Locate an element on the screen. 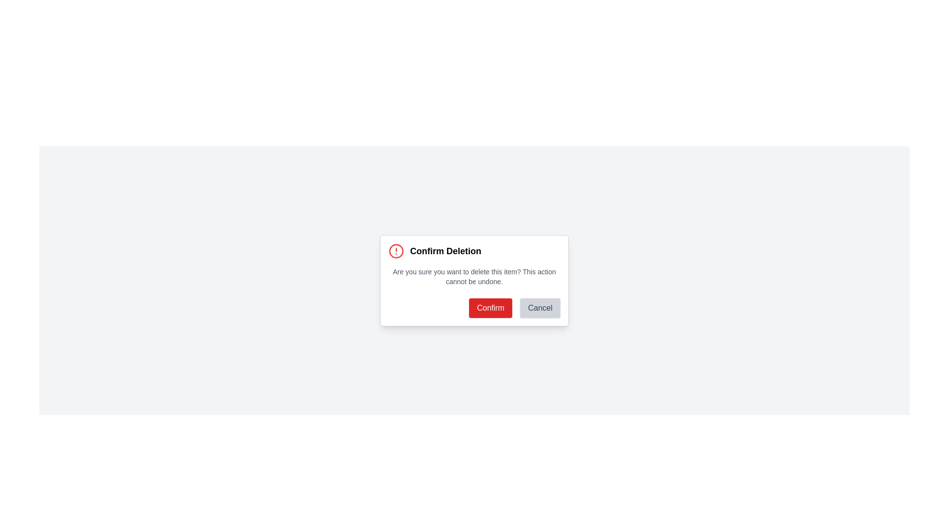 This screenshot has width=943, height=530. message in the modal dialog box titled 'Confirm Deletion', which explains the consequences of the action is located at coordinates (474, 280).